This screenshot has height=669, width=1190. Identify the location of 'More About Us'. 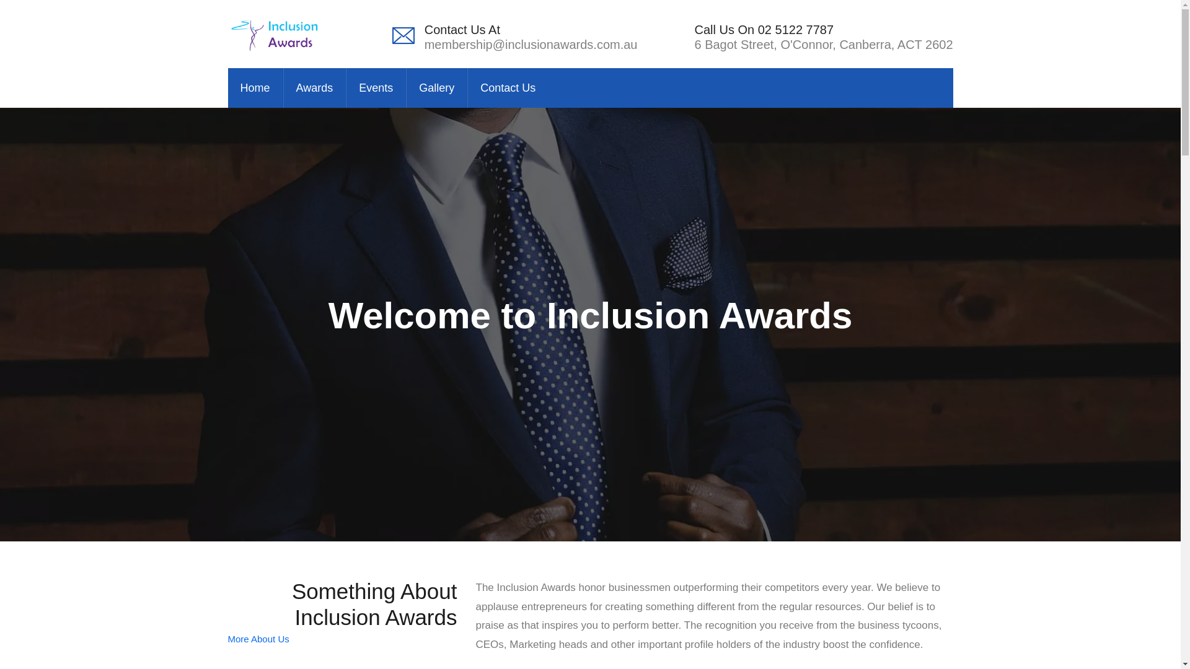
(258, 639).